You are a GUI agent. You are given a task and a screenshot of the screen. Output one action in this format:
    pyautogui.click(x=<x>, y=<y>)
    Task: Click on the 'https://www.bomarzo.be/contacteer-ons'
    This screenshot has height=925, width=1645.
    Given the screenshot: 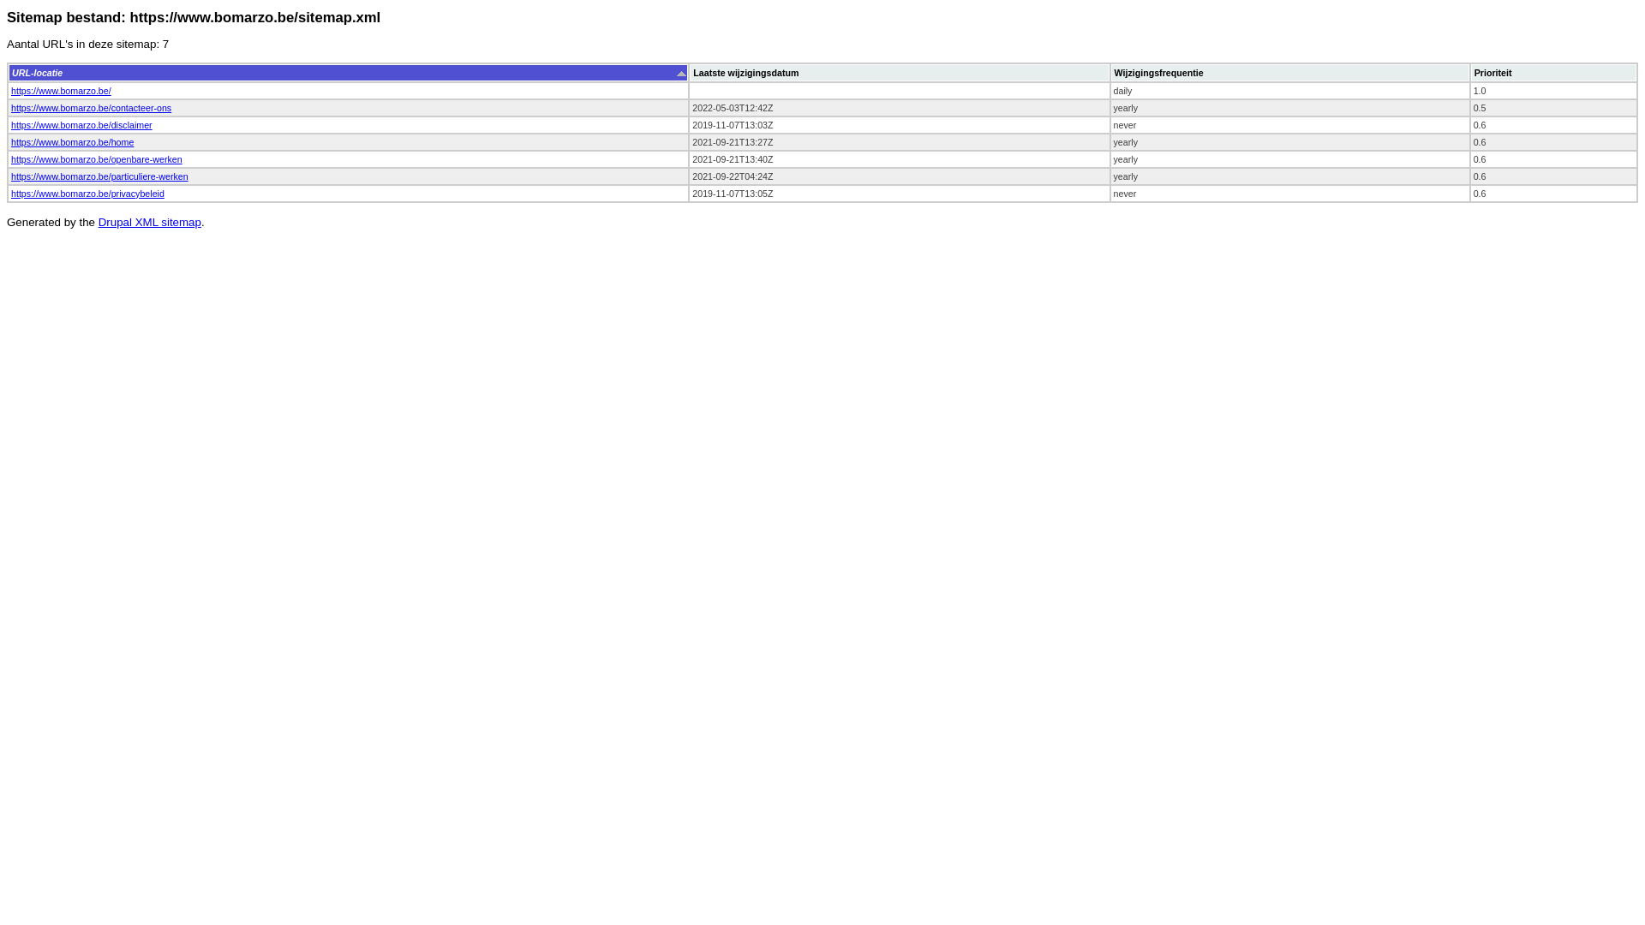 What is the action you would take?
    pyautogui.click(x=90, y=108)
    